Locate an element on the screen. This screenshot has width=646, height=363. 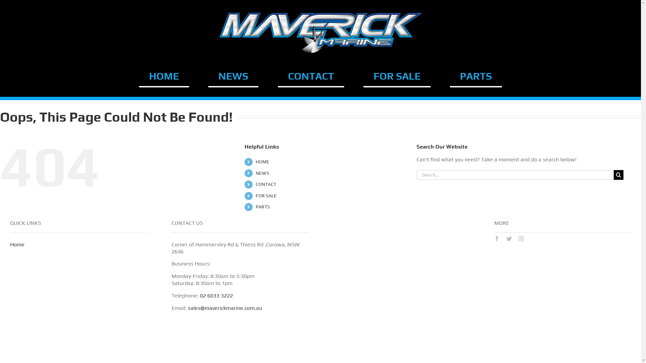
'PARTS' is located at coordinates (262, 206).